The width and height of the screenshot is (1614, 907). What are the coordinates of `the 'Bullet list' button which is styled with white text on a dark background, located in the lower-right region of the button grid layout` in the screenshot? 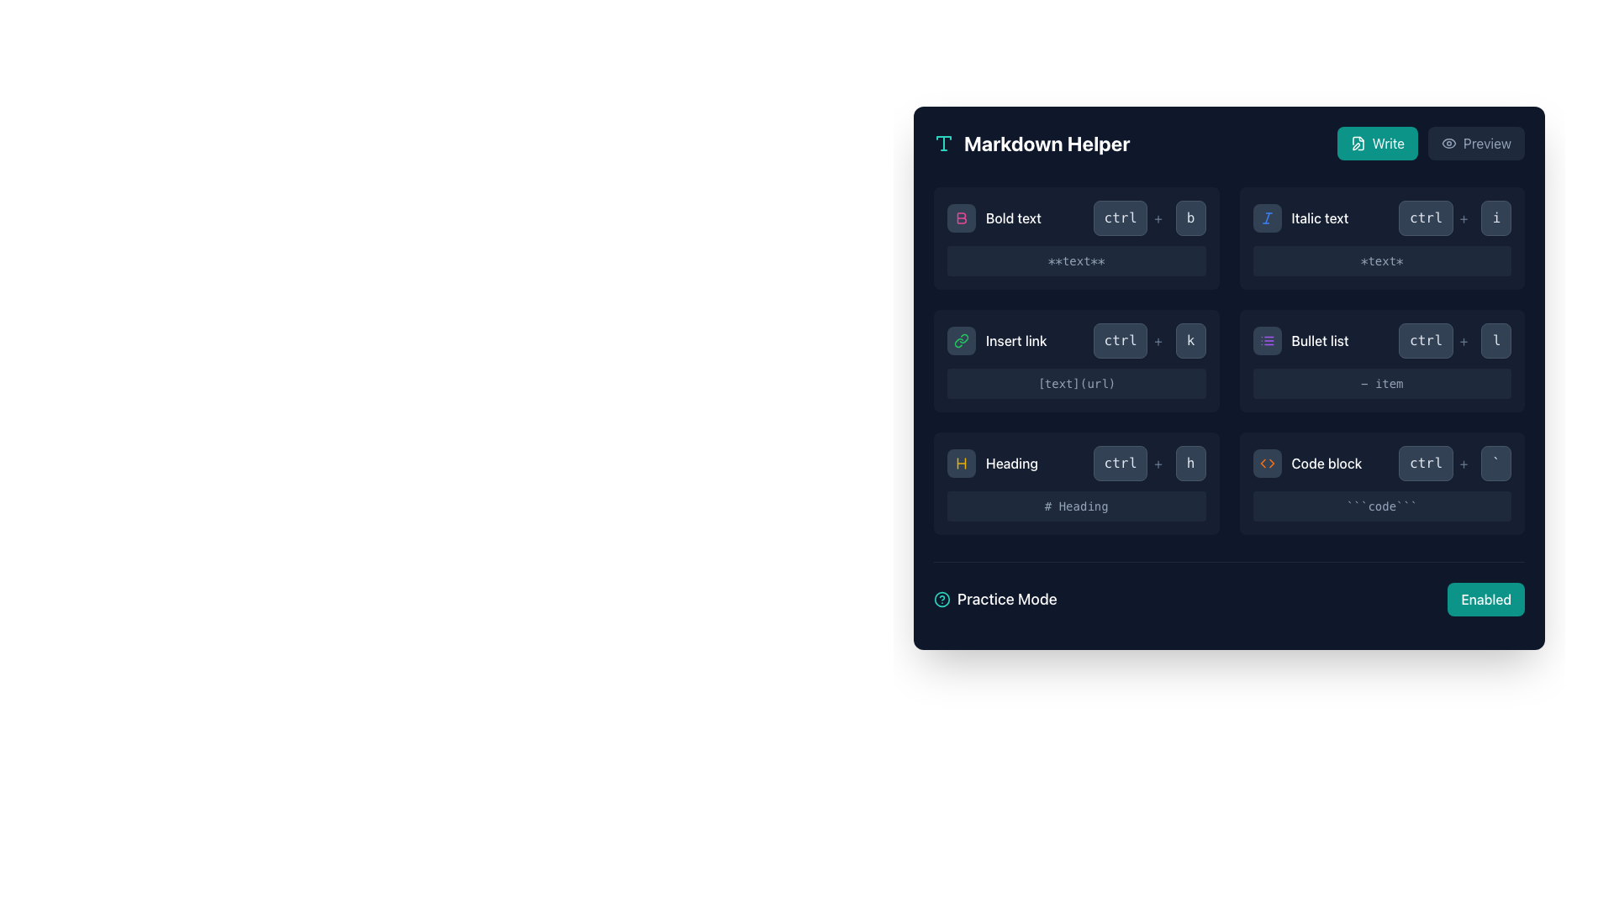 It's located at (1319, 340).